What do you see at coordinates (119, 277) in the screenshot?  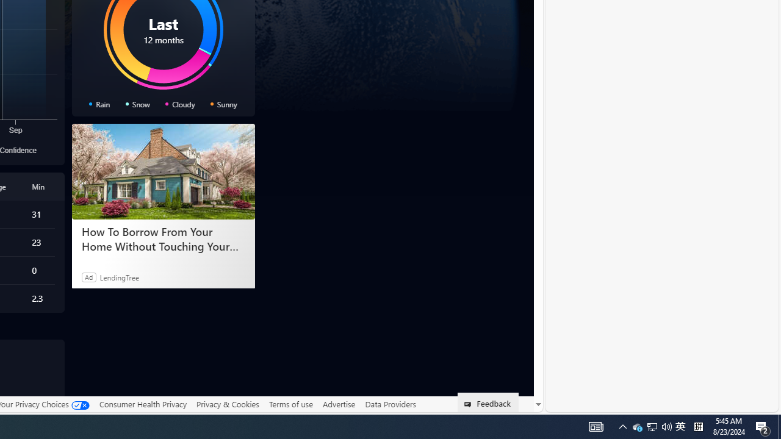 I see `'LendingTree'` at bounding box center [119, 277].